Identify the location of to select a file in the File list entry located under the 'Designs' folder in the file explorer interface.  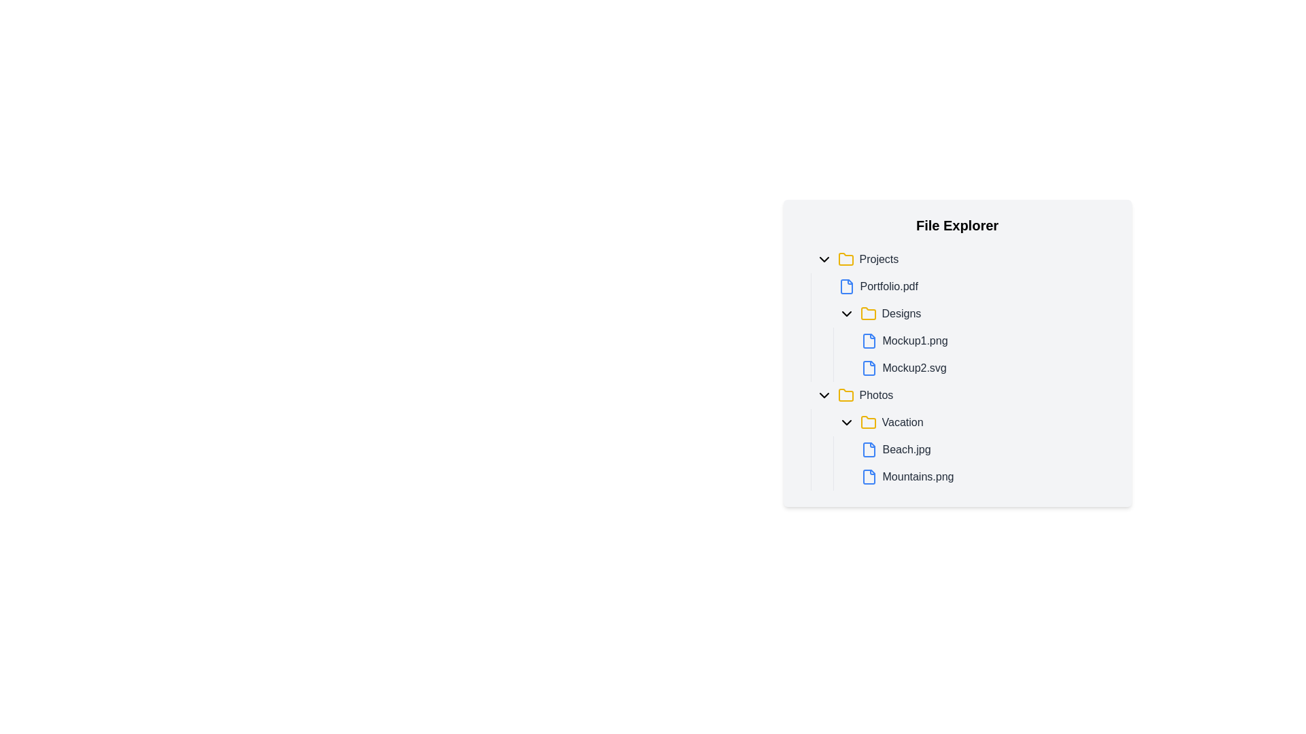
(973, 353).